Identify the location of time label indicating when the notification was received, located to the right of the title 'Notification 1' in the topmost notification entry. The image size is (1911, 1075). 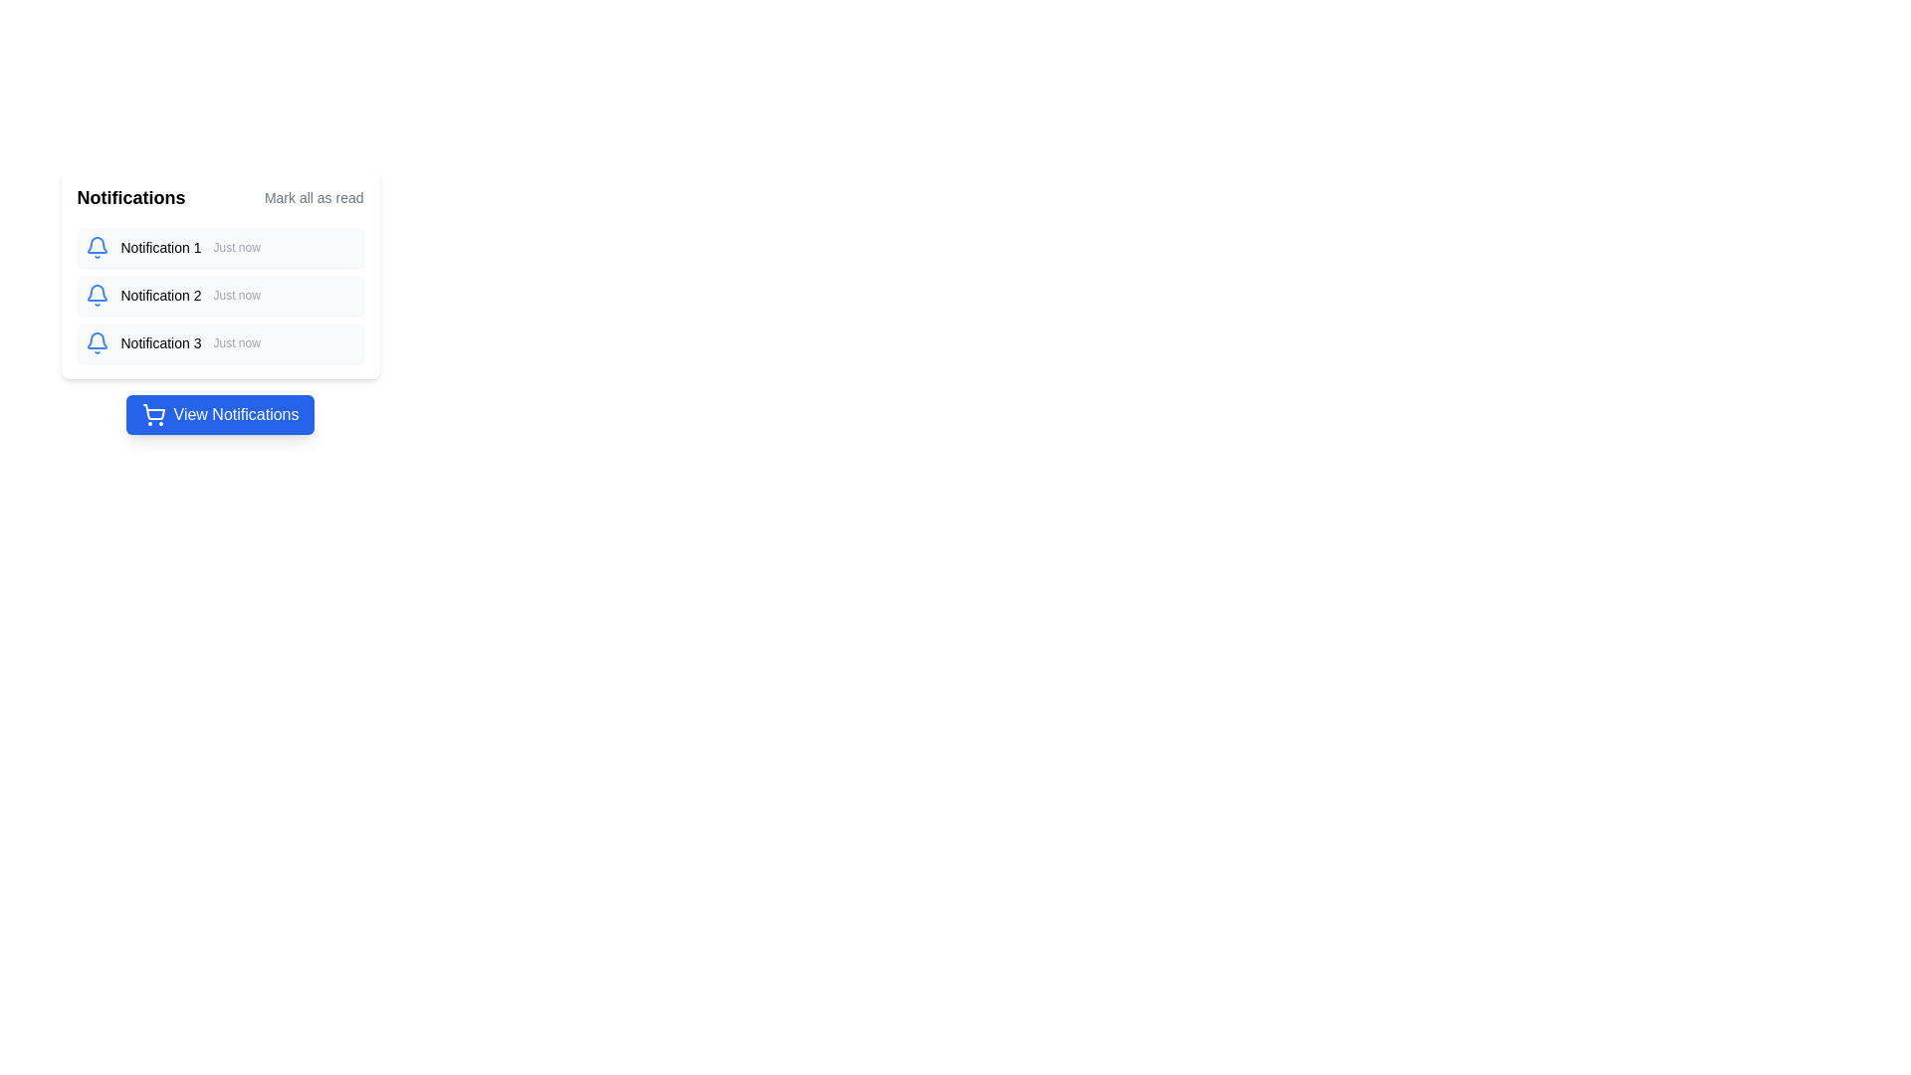
(237, 247).